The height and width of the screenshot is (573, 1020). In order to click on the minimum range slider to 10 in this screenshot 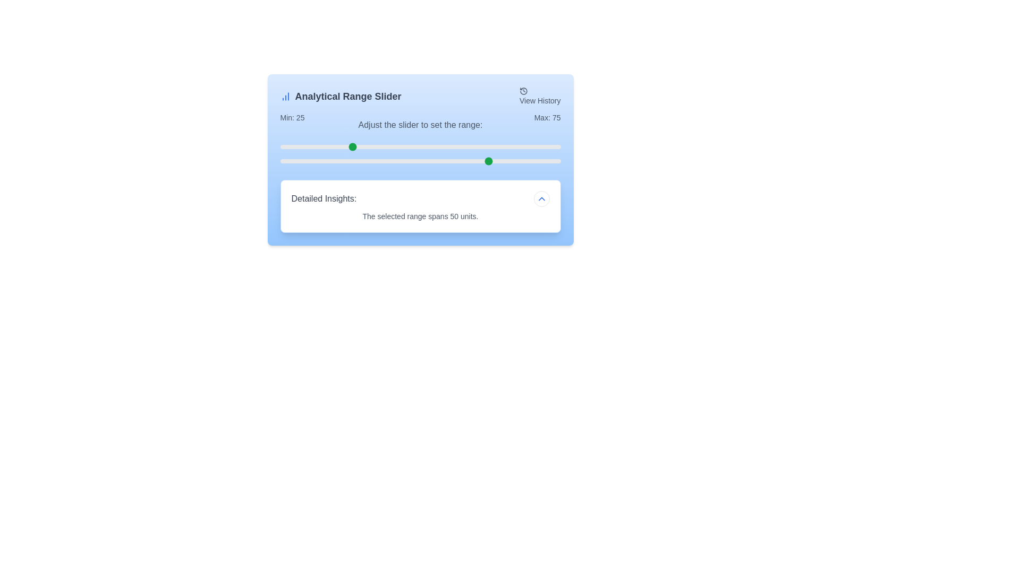, I will do `click(308, 147)`.